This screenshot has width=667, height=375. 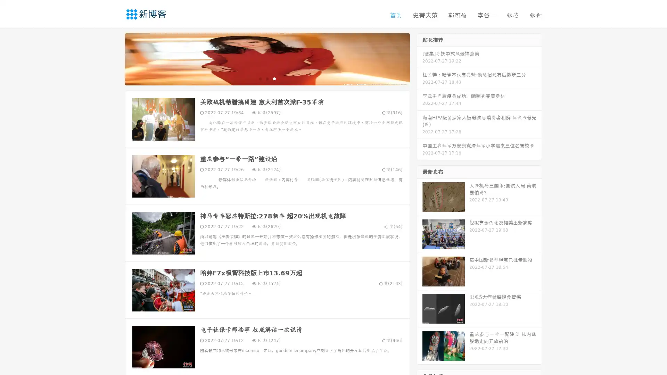 What do you see at coordinates (267, 78) in the screenshot?
I see `Go to slide 2` at bounding box center [267, 78].